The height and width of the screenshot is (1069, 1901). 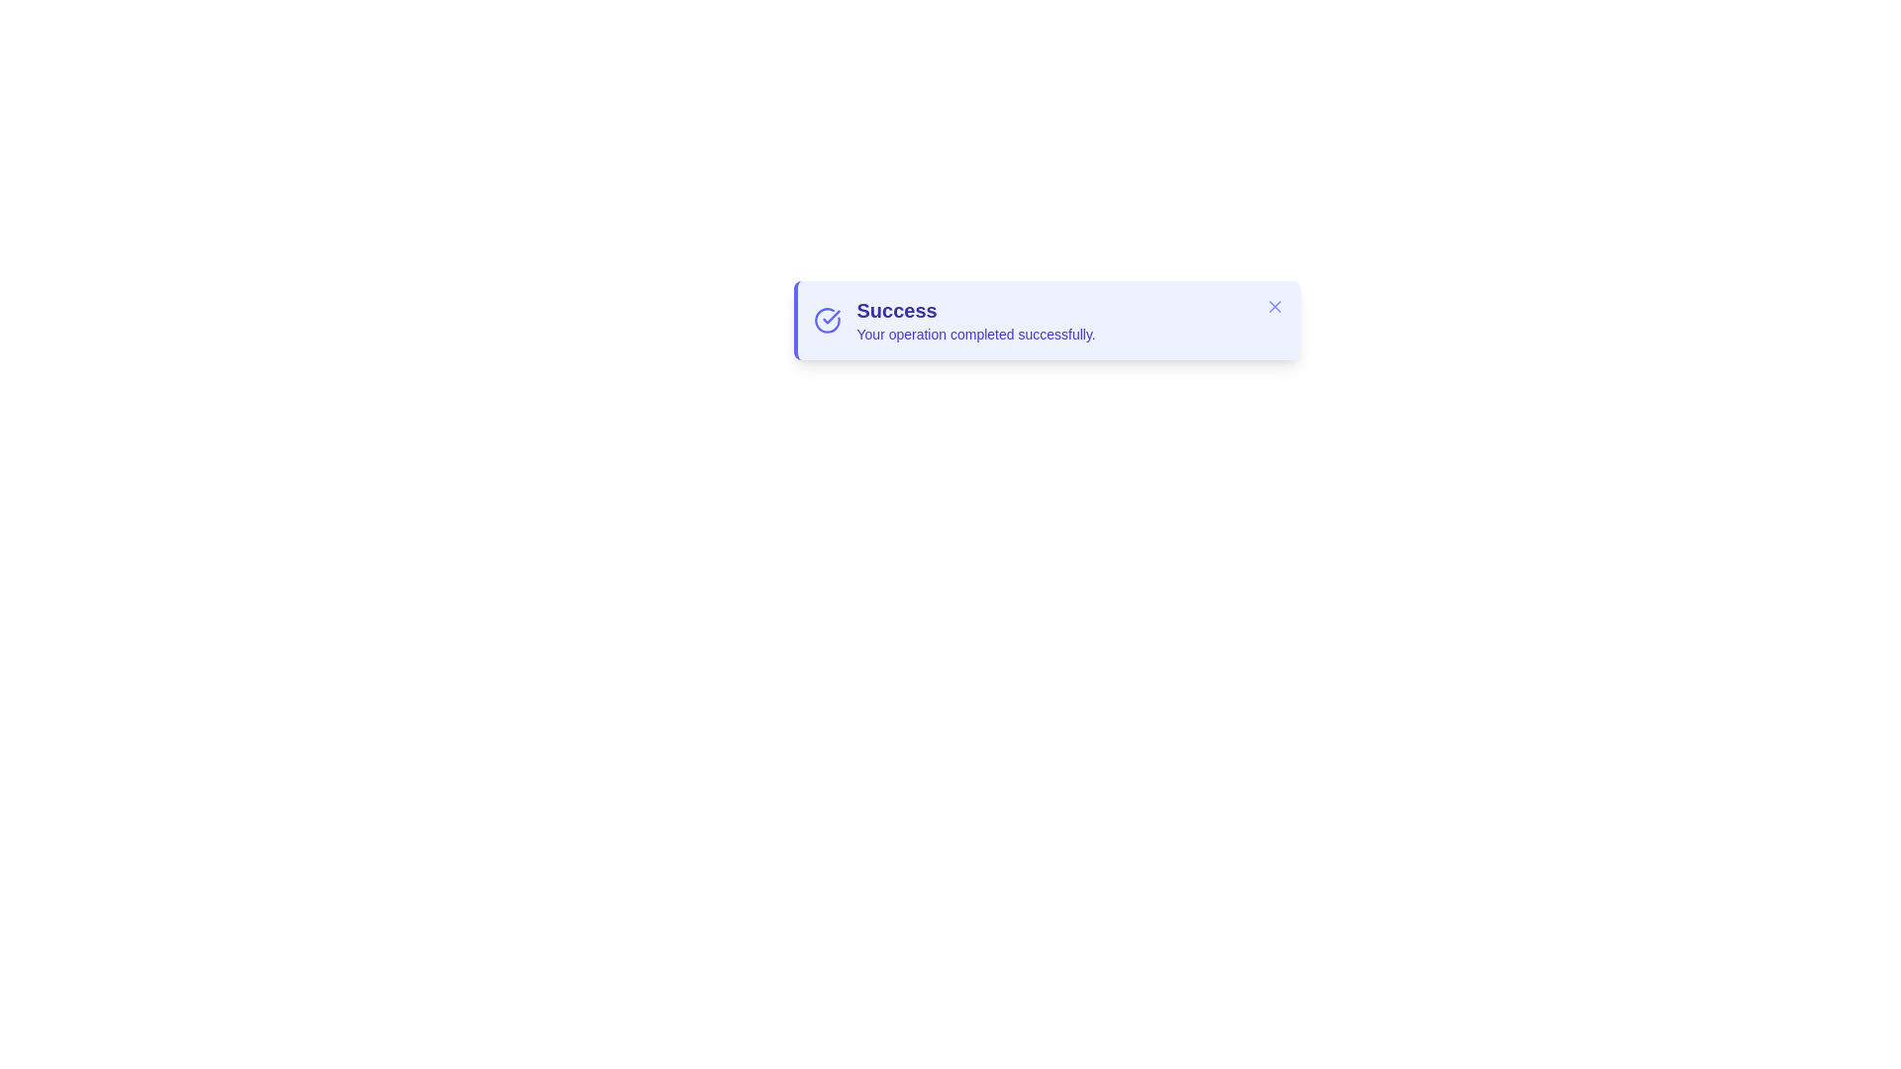 I want to click on success message displayed in the text label located in the notification box to the right of the checkmark icon, so click(x=976, y=320).